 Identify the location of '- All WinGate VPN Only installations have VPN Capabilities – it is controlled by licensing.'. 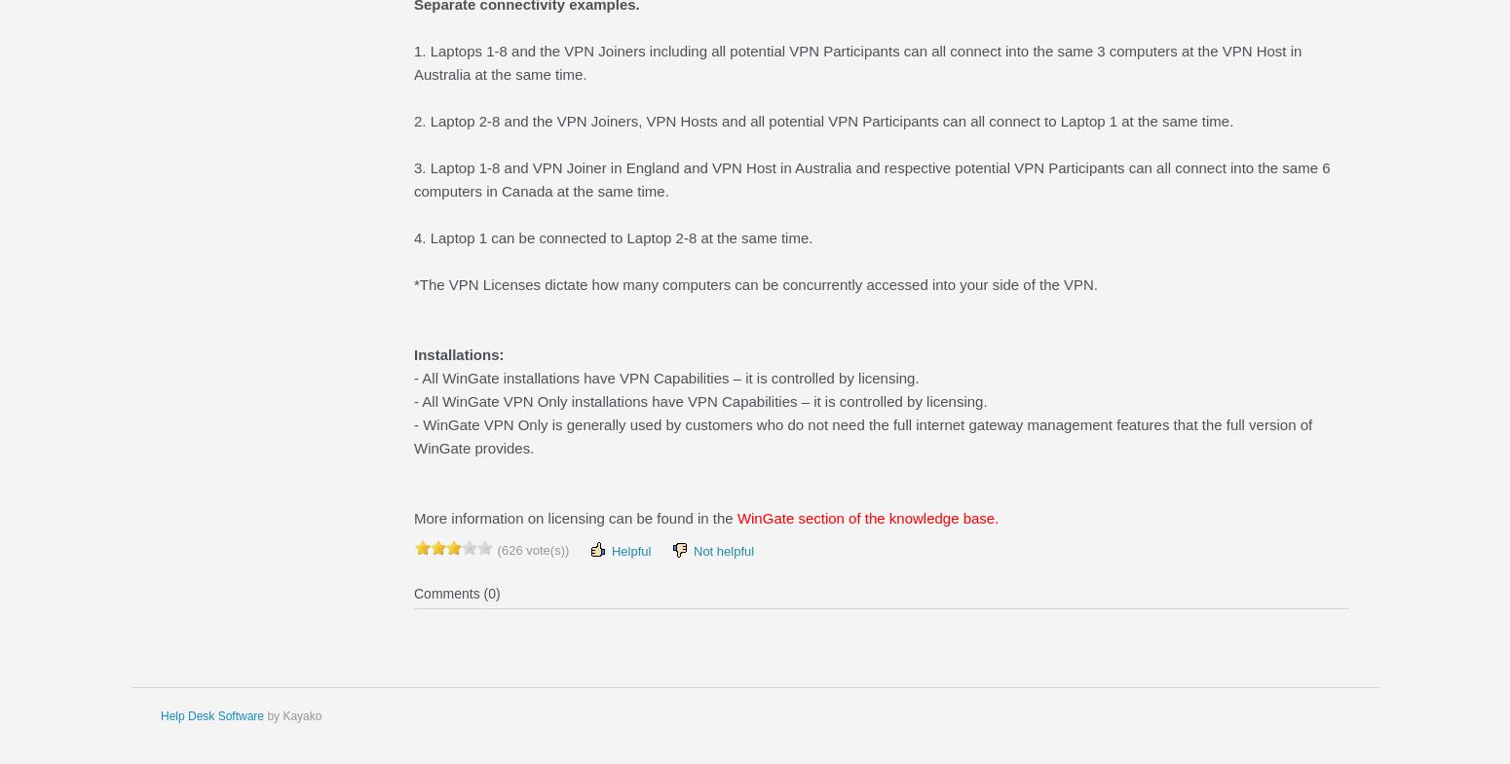
(700, 401).